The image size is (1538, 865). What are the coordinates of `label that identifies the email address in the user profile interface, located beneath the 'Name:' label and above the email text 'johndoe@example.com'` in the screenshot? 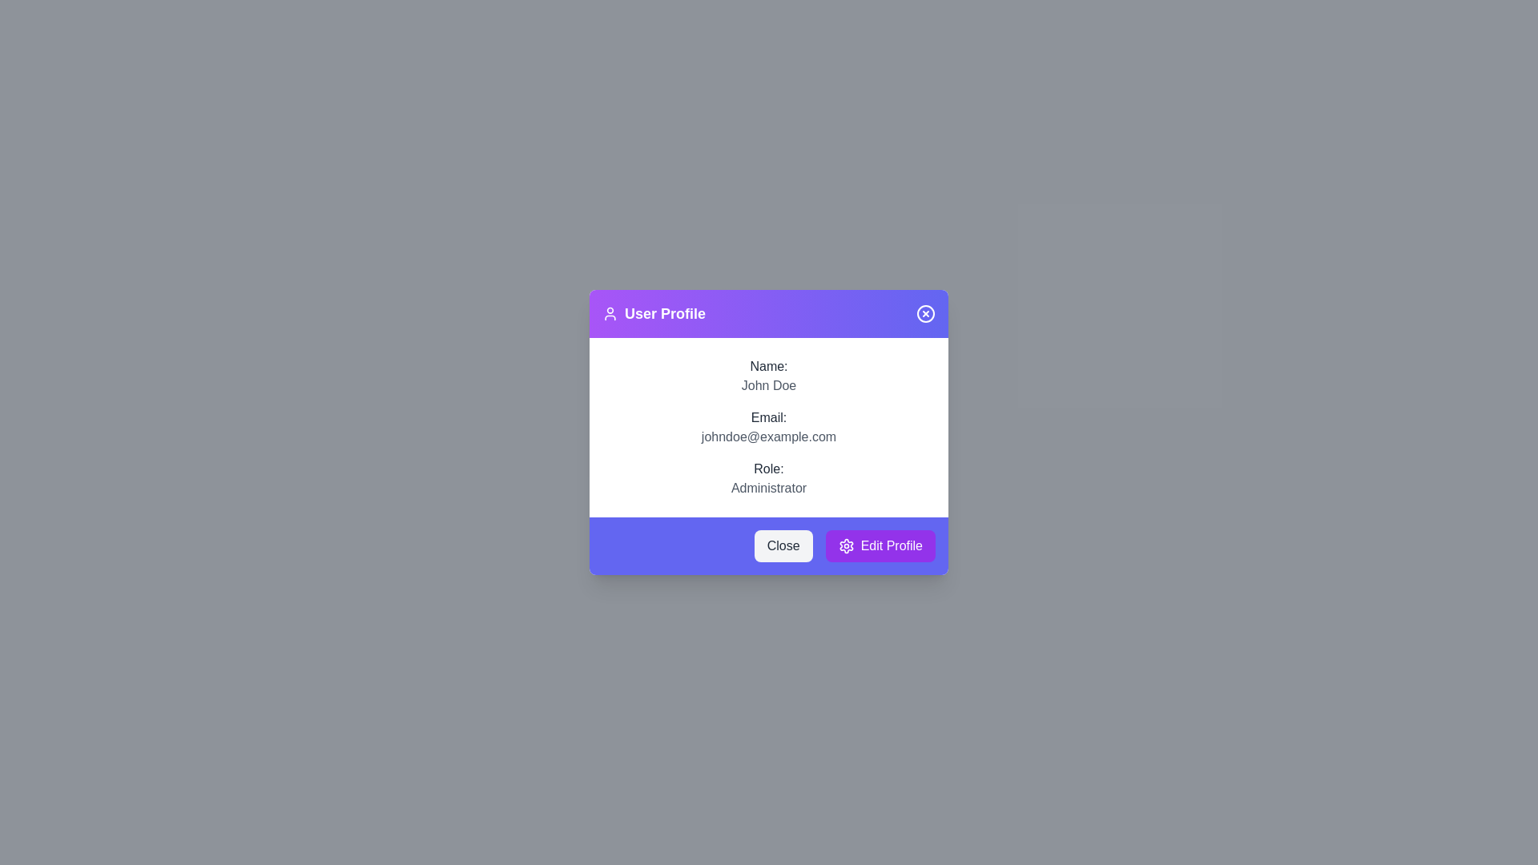 It's located at (769, 416).